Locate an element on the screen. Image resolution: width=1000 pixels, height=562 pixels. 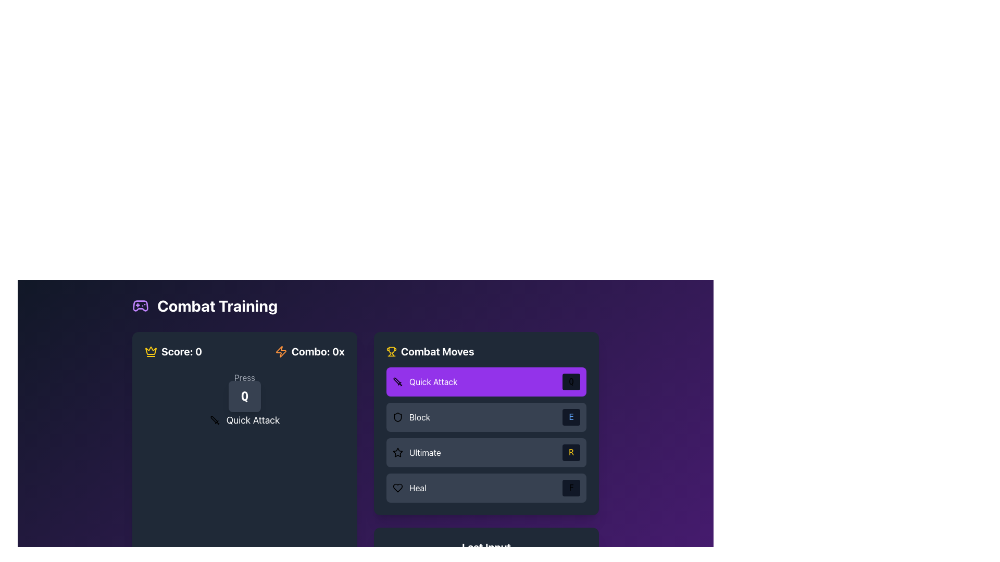
the small sword icon styled as a vector graphic, which is part of the 'Quick Attack' menu option located in the 'Combat Moves' section is located at coordinates (397, 381).